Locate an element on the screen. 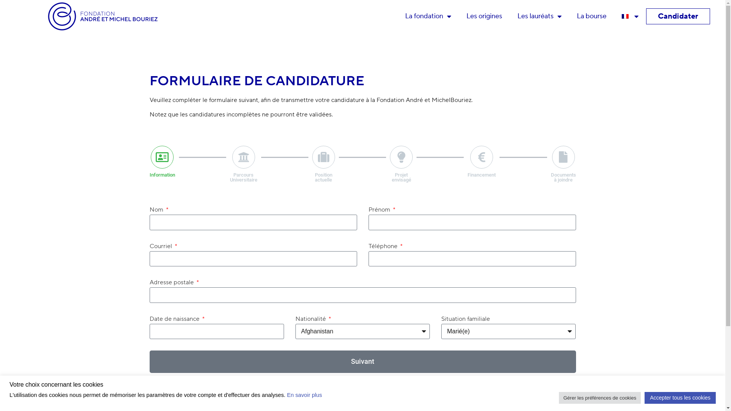 This screenshot has width=731, height=411. 'Accepter tous les cookies' is located at coordinates (680, 397).